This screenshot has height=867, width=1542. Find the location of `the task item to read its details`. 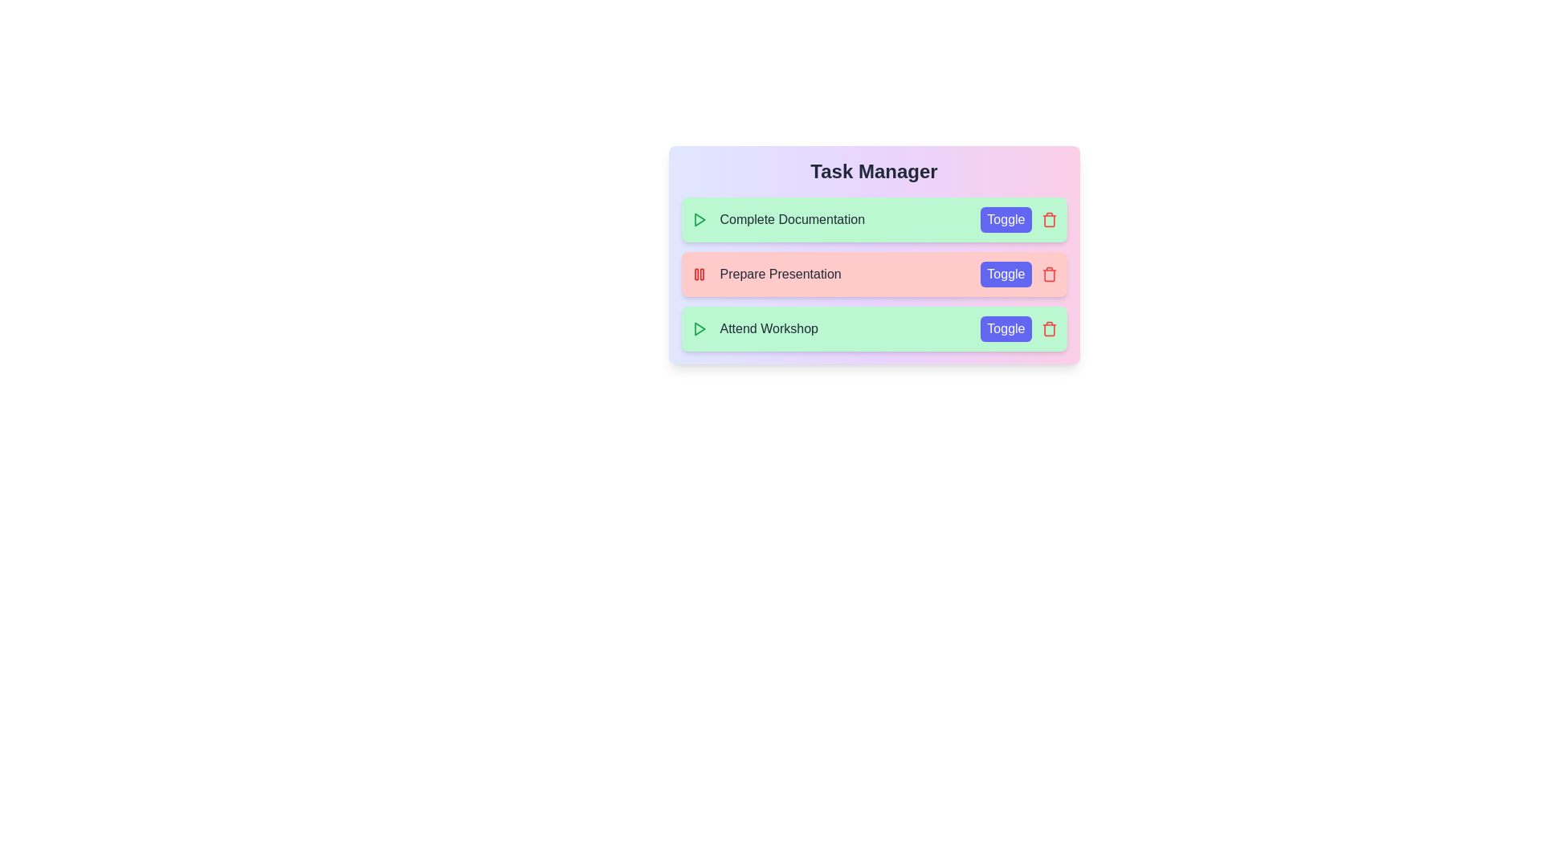

the task item to read its details is located at coordinates (873, 219).